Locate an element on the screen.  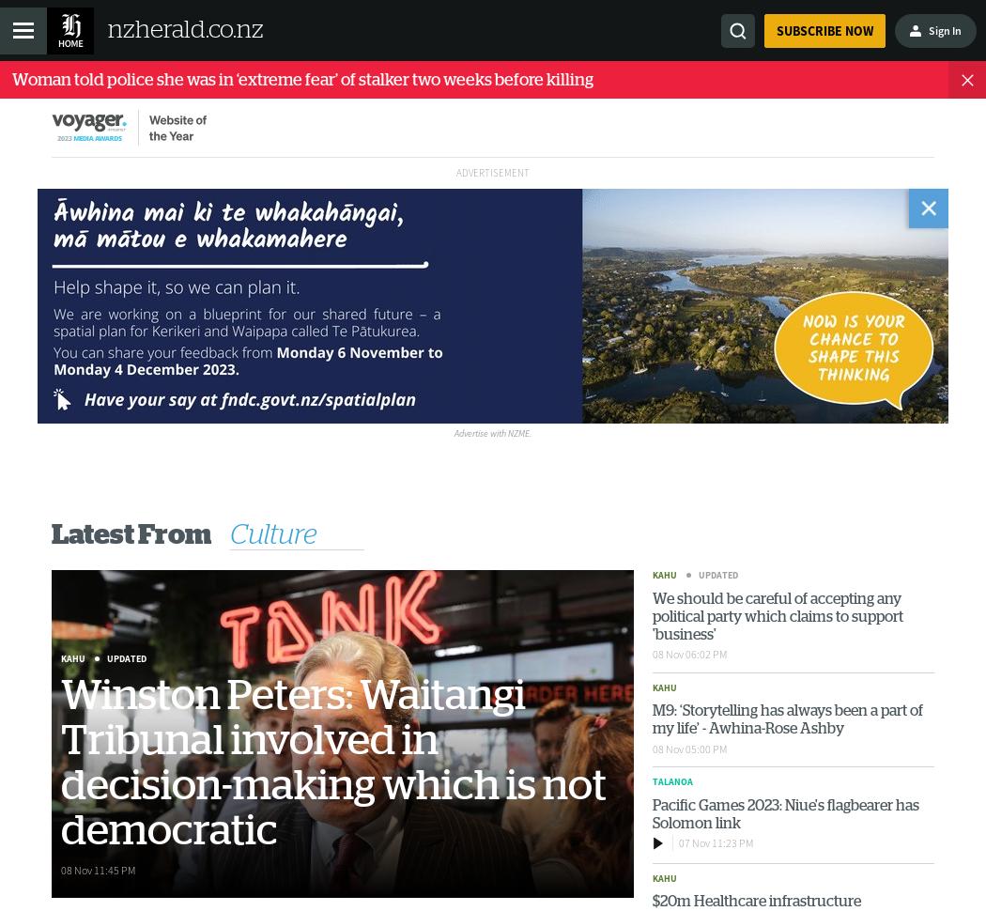
'Advertisement' is located at coordinates (493, 172).